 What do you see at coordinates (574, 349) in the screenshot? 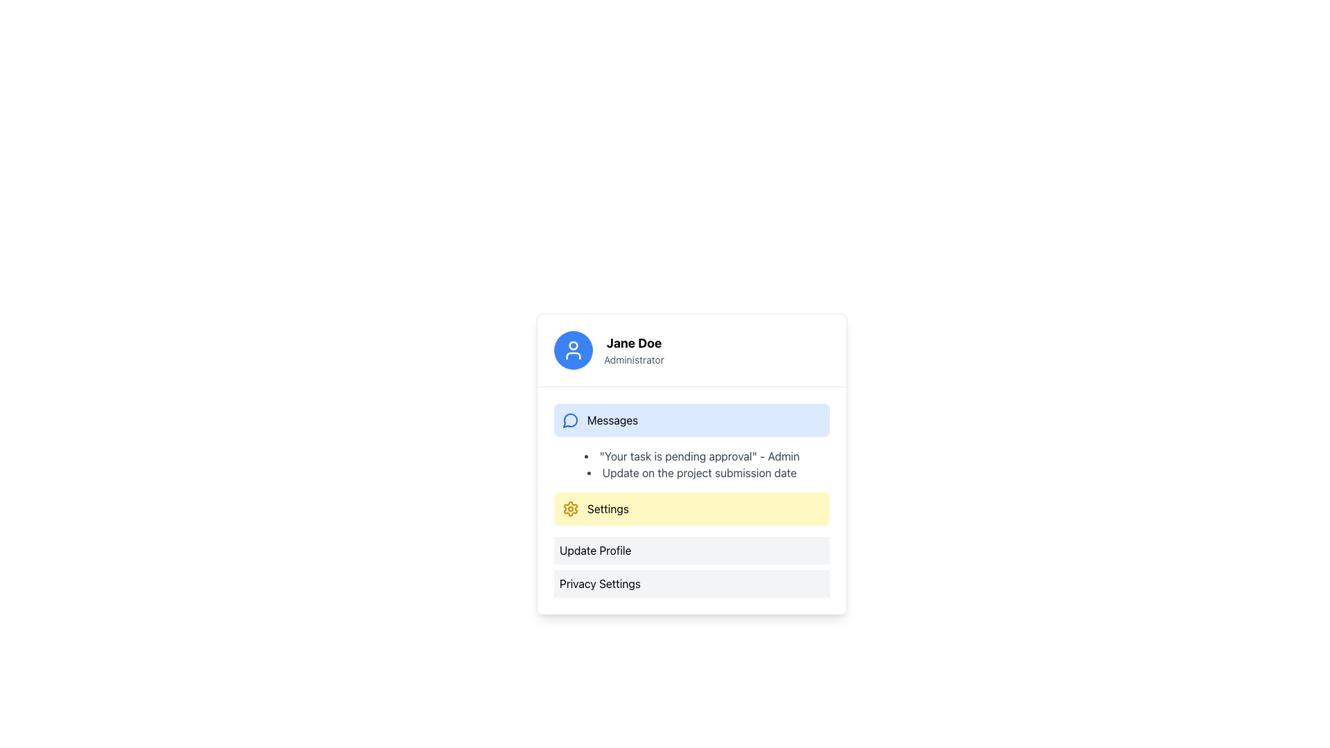
I see `the user icon, which is a silhouette of a person within a blue circular background, located at the top-left corner of the user profile card interface` at bounding box center [574, 349].